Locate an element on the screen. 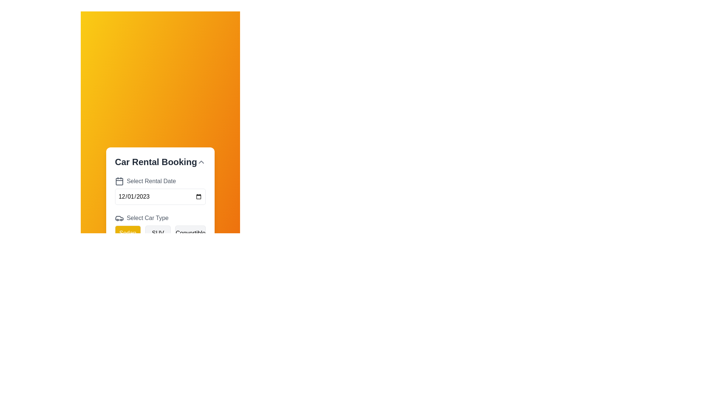 The height and width of the screenshot is (398, 708). 'Select Car Type' label with the car icon to understand the context of the following options for car rental type selection is located at coordinates (160, 217).